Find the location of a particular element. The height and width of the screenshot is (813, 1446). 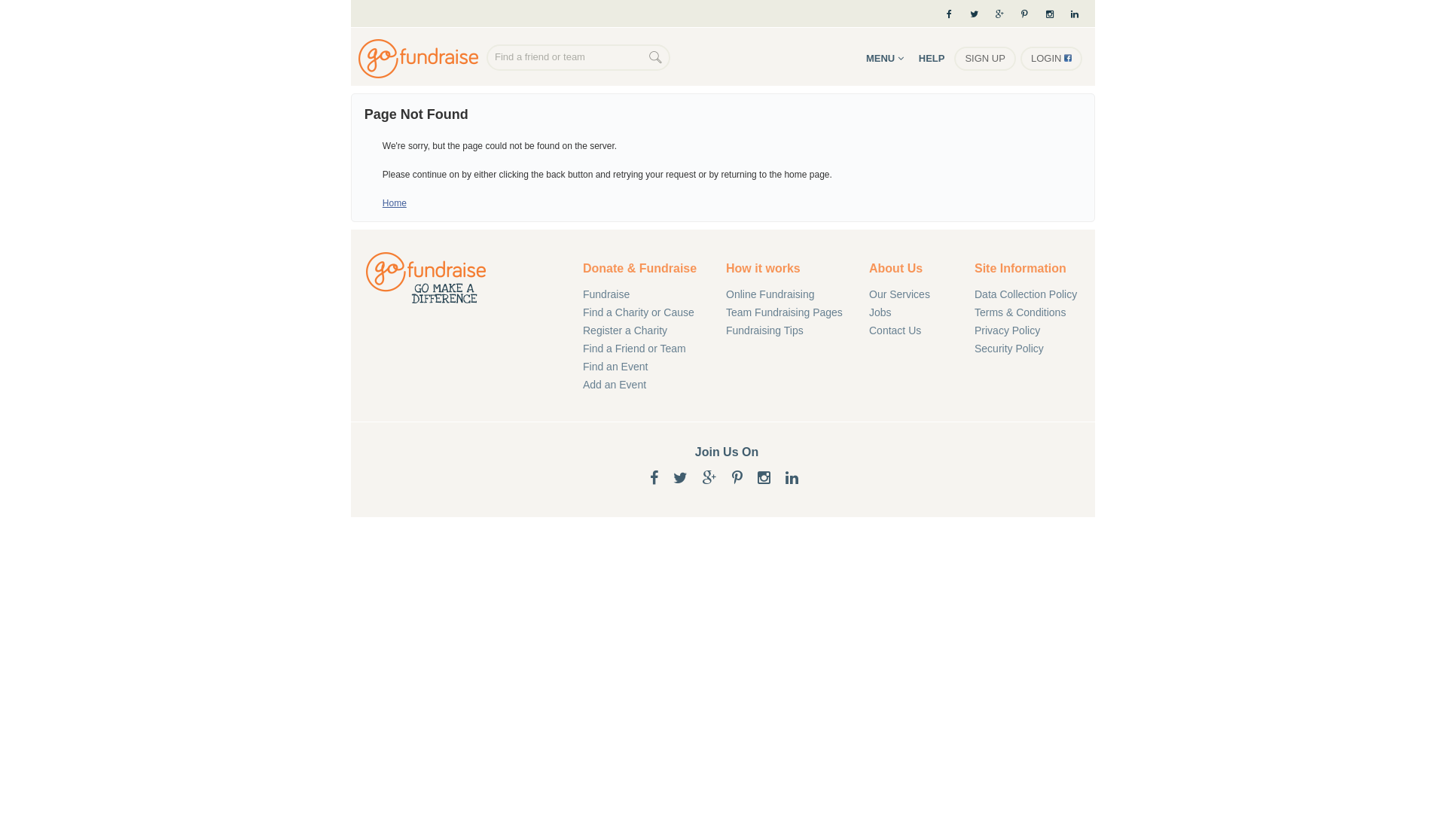

'Team Fundraising Pages' is located at coordinates (785, 312).